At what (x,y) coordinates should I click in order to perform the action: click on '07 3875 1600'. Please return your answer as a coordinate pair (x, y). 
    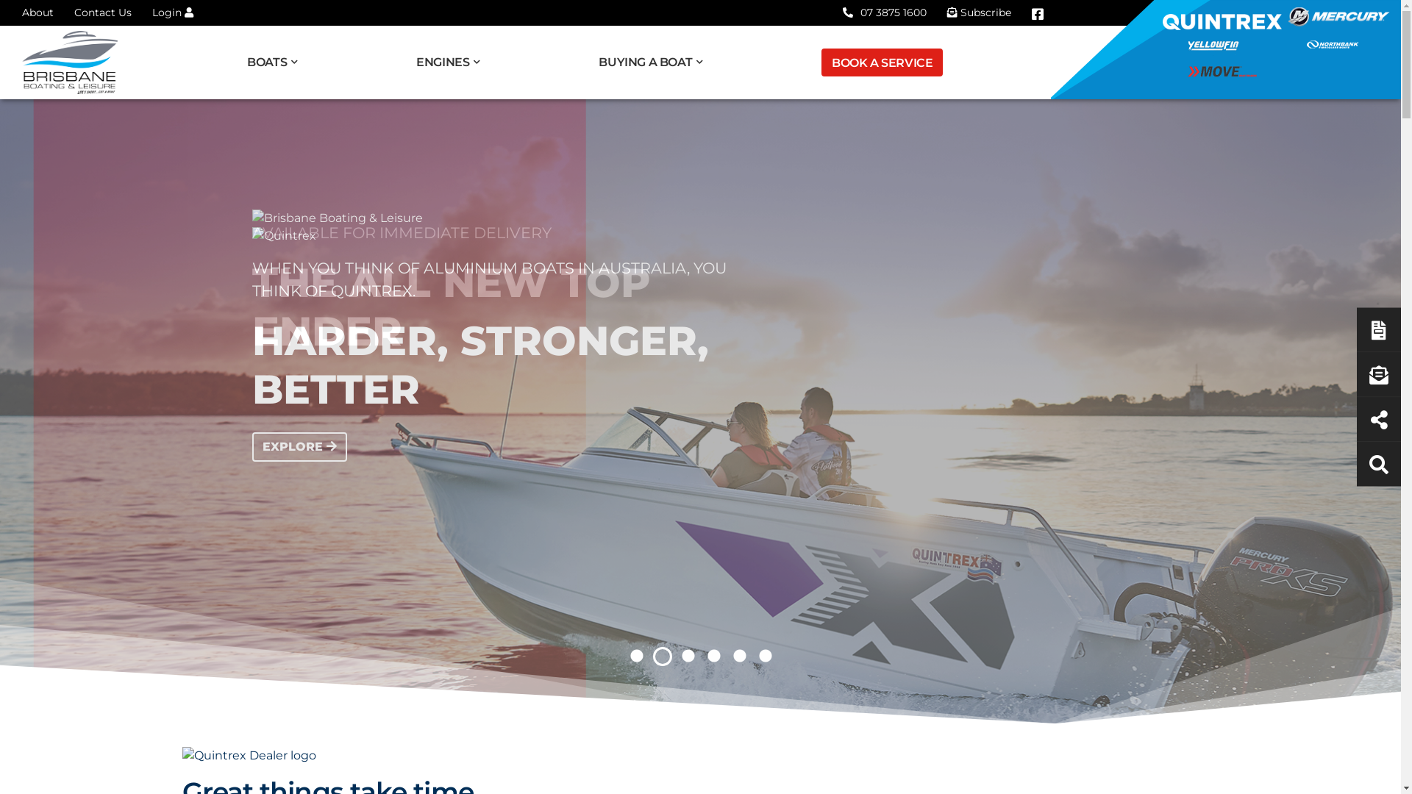
    Looking at the image, I should click on (884, 12).